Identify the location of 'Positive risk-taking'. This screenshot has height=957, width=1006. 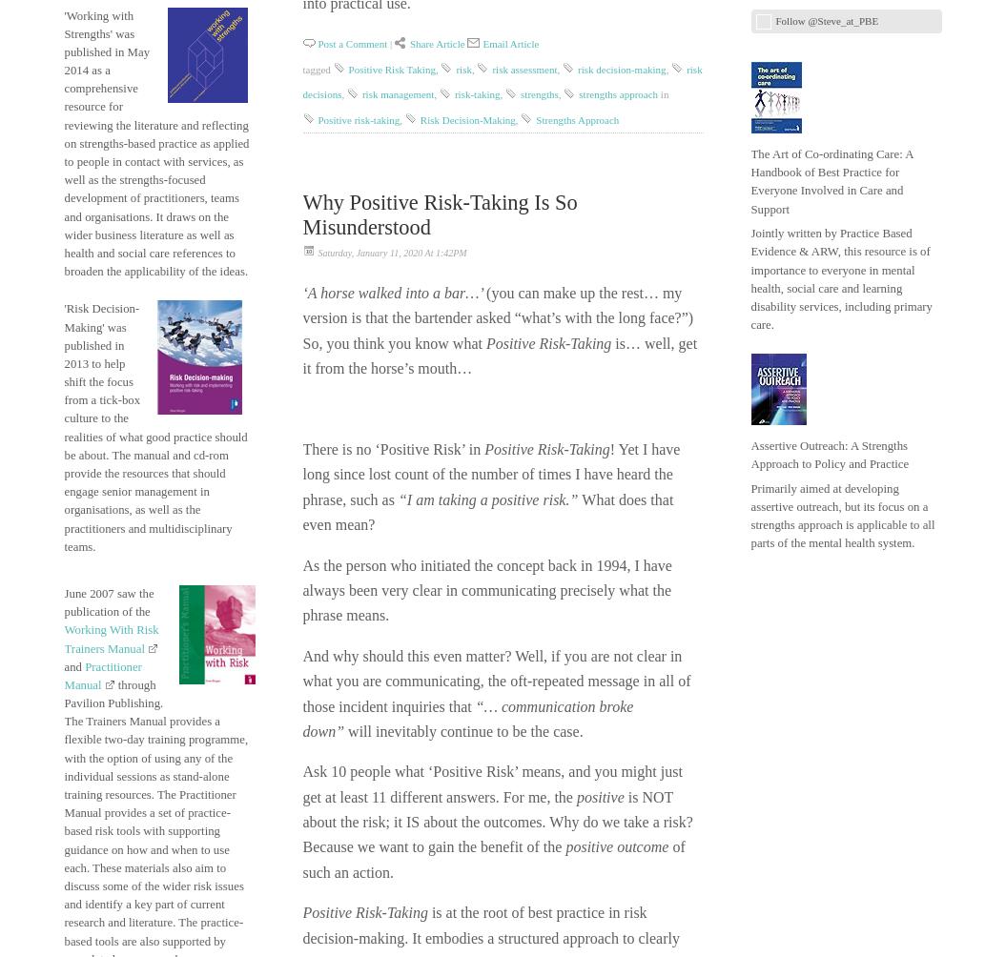
(359, 118).